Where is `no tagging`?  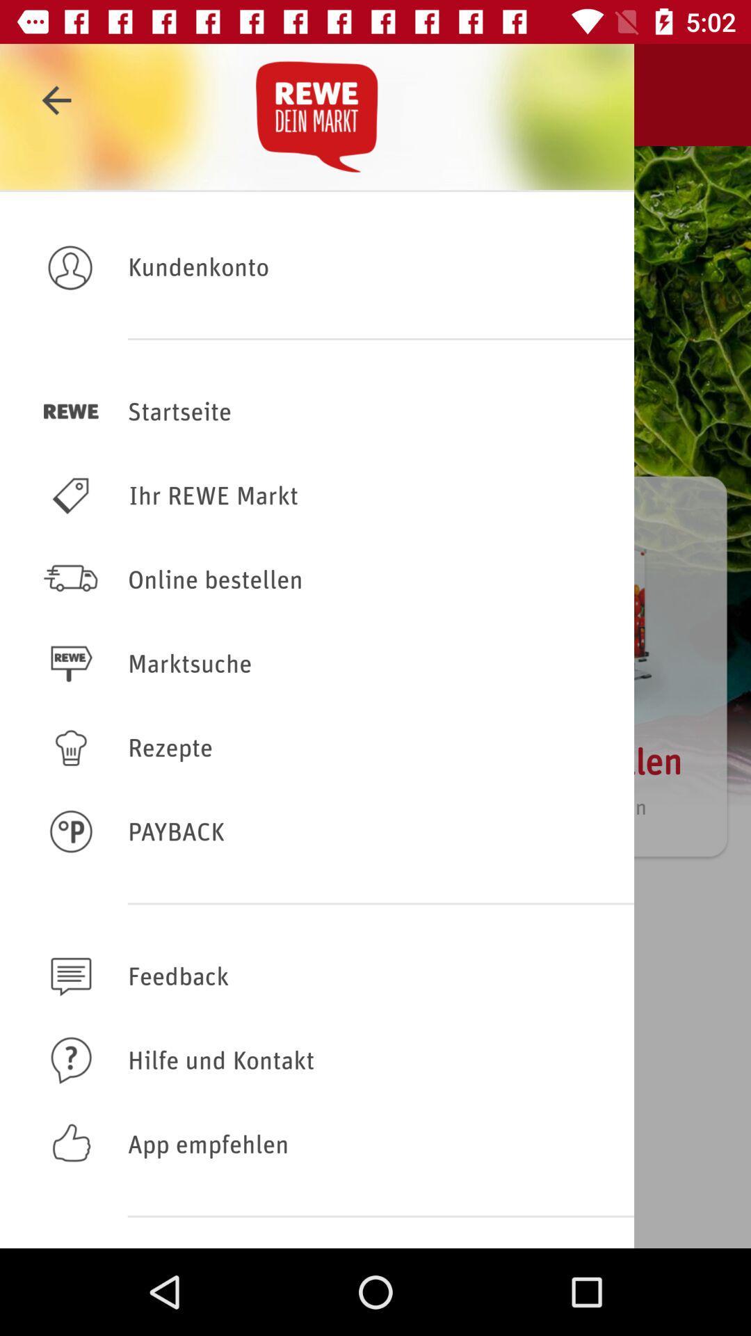
no tagging is located at coordinates (316, 975).